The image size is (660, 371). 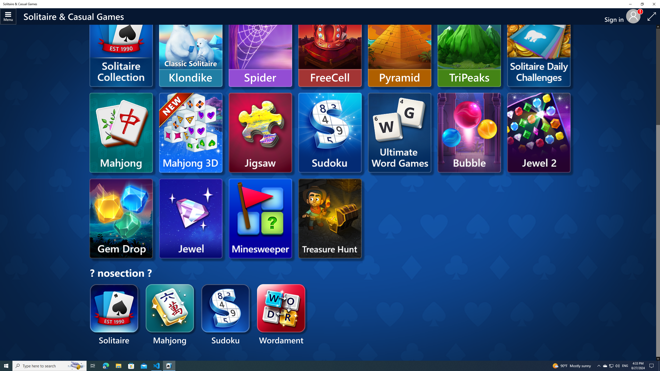 What do you see at coordinates (281, 315) in the screenshot?
I see `'Wordament'` at bounding box center [281, 315].